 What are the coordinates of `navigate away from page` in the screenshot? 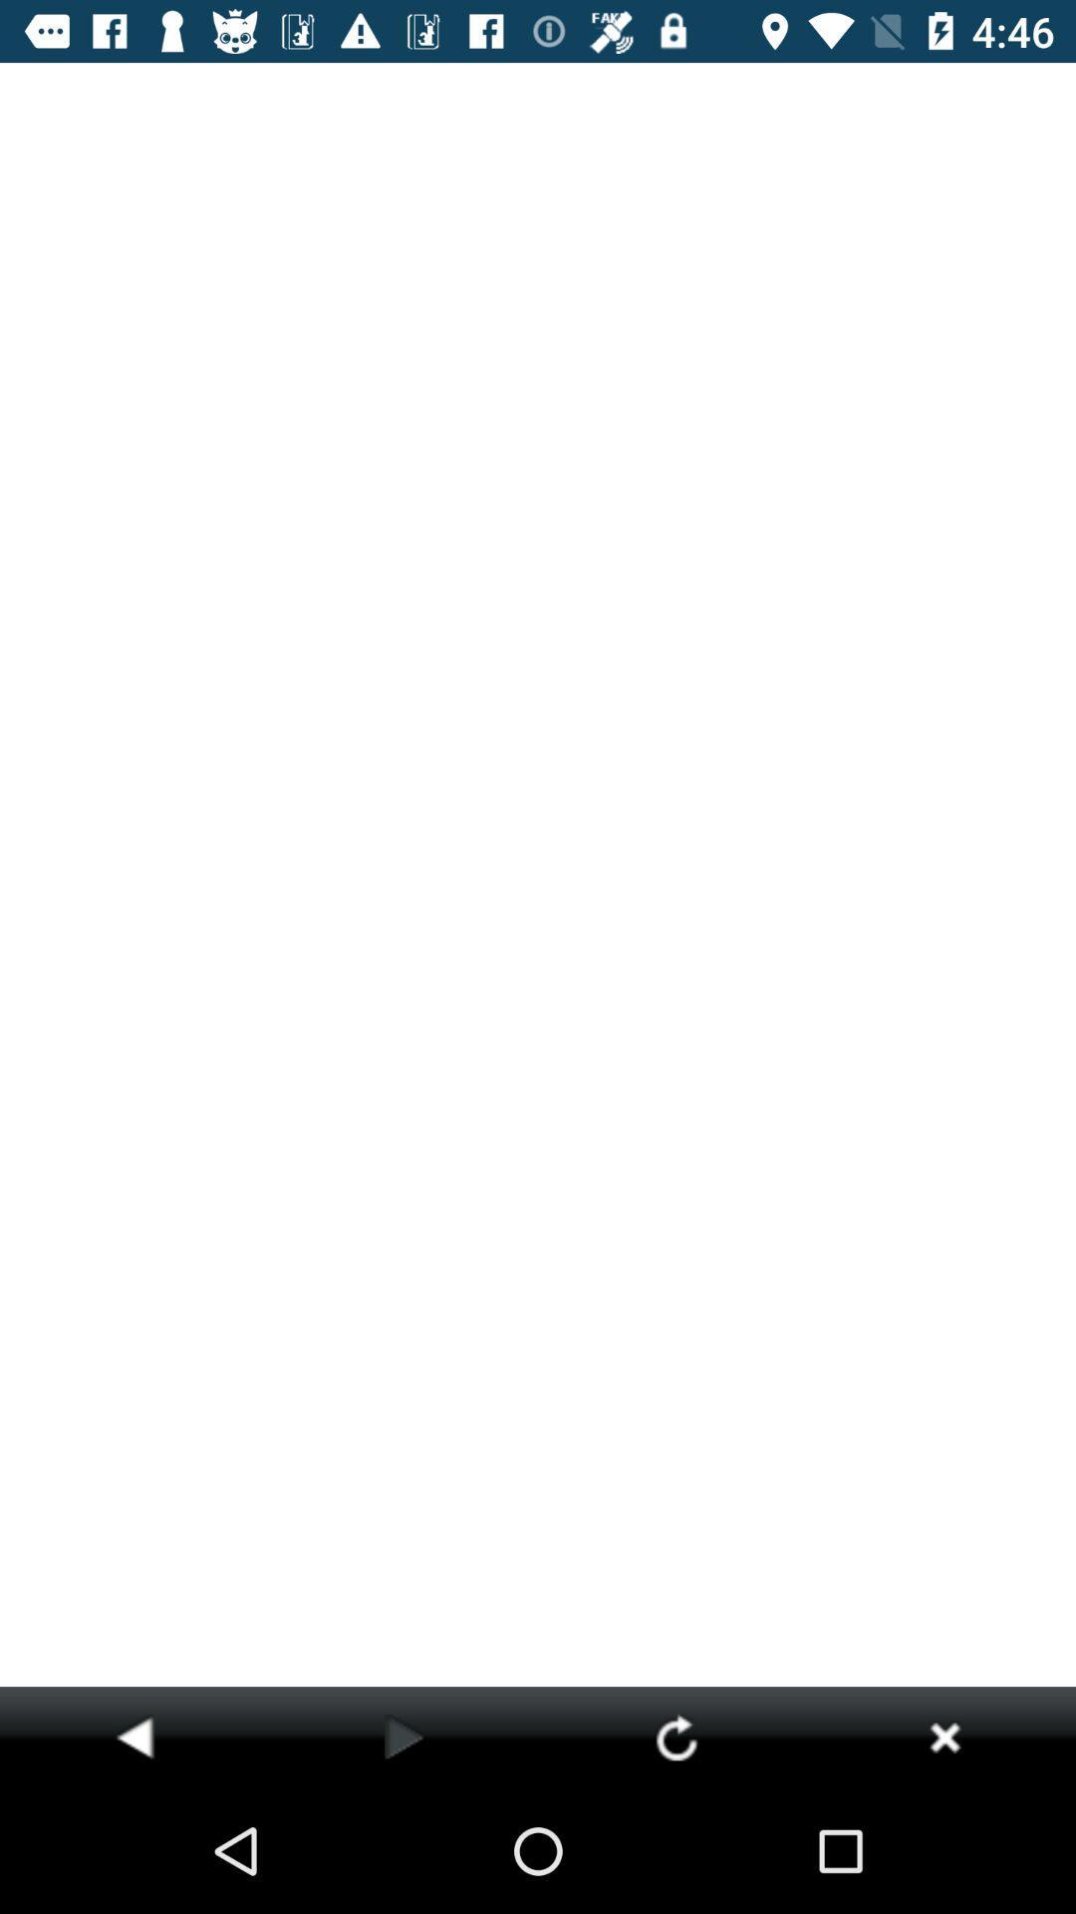 It's located at (943, 1736).